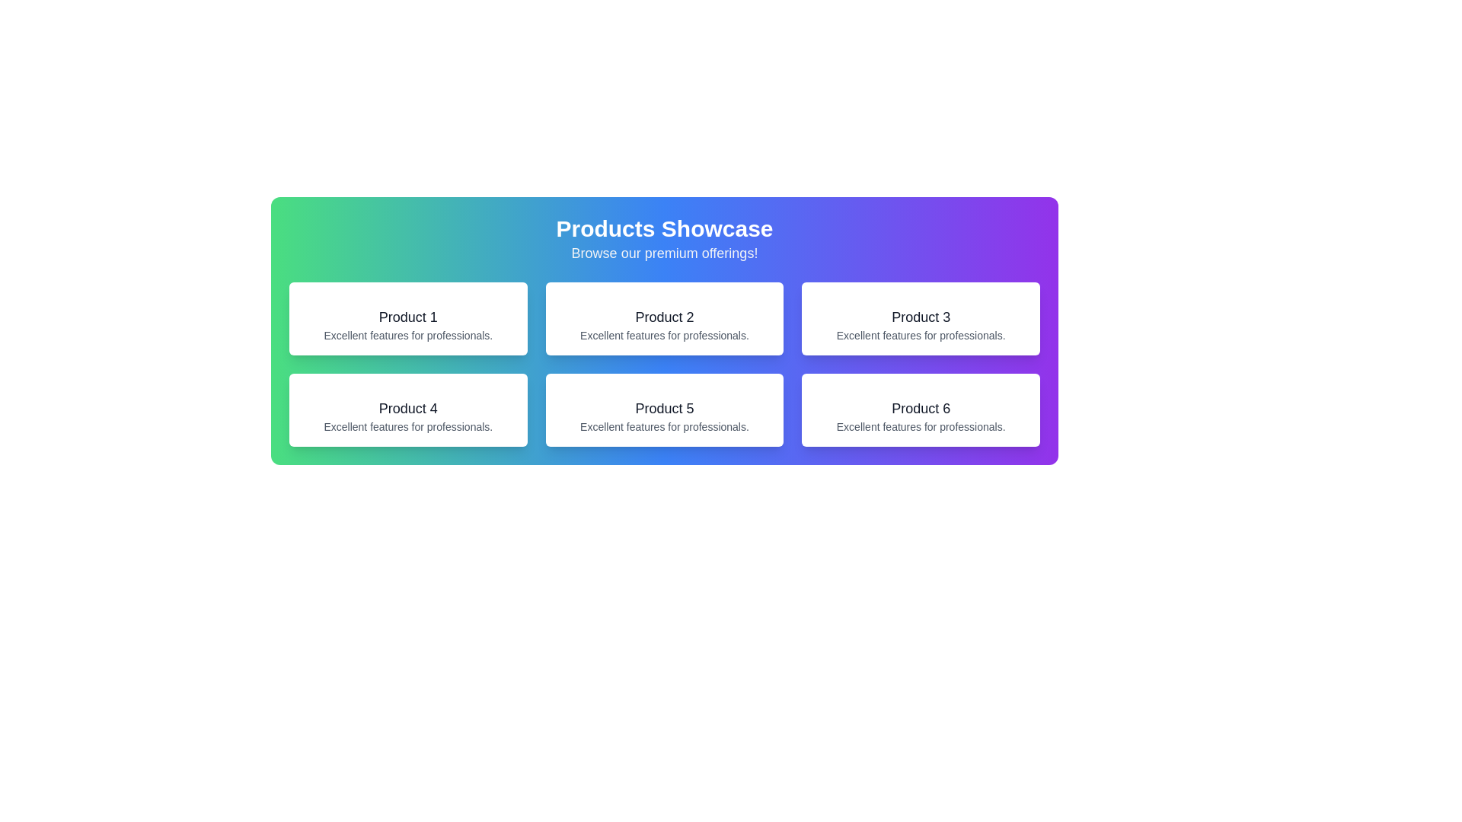 This screenshot has width=1462, height=822. What do you see at coordinates (408, 426) in the screenshot?
I see `descriptive text element containing the phrase 'Excellent features for professionals.' located below the title 'Product 4' in the card component of the second row, first column` at bounding box center [408, 426].